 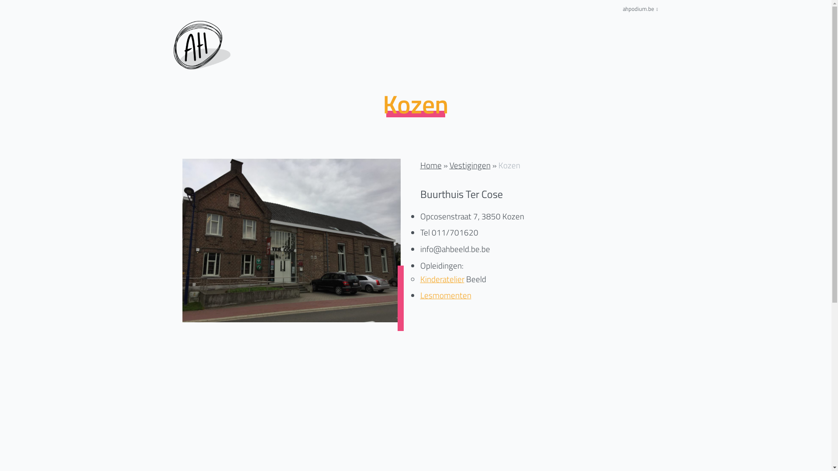 I want to click on 'ahpodium.be', so click(x=640, y=8).